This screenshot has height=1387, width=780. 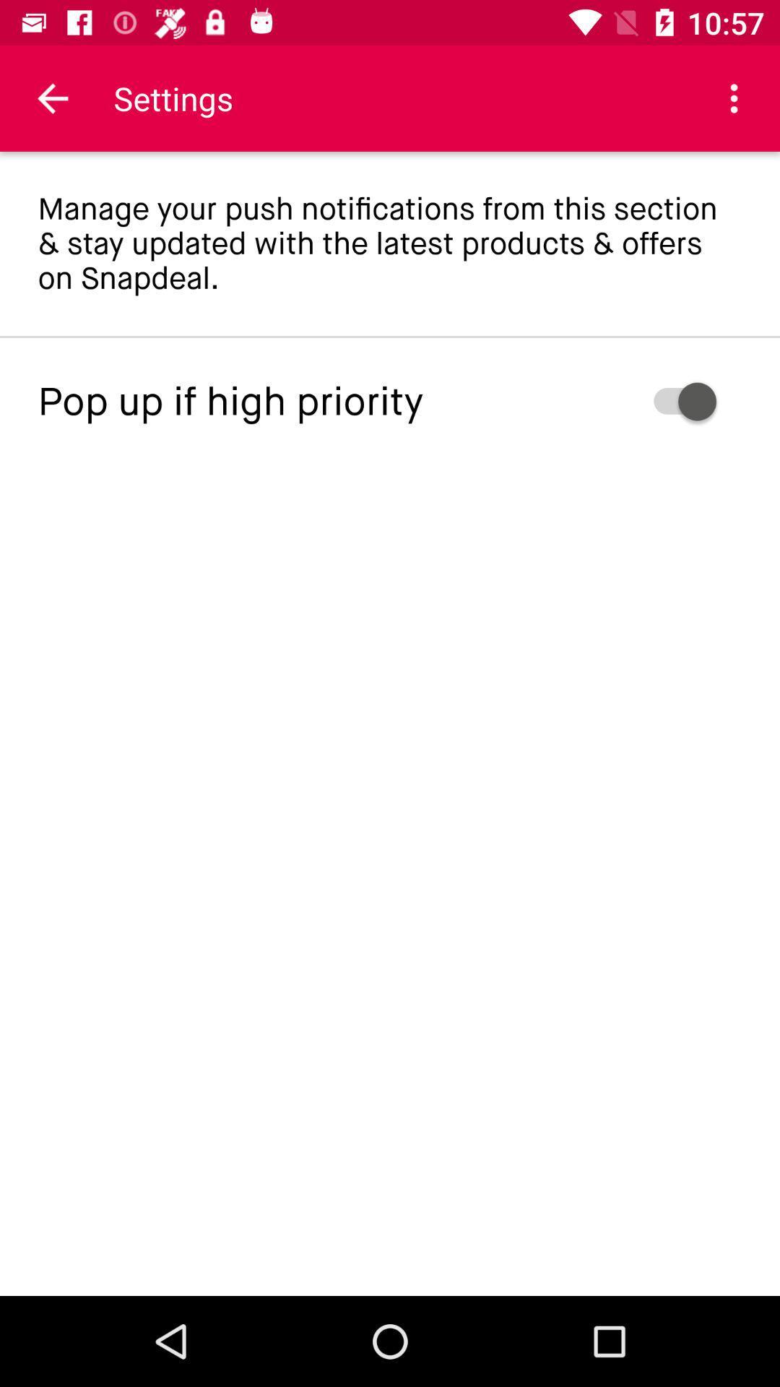 What do you see at coordinates (52, 98) in the screenshot?
I see `go back` at bounding box center [52, 98].